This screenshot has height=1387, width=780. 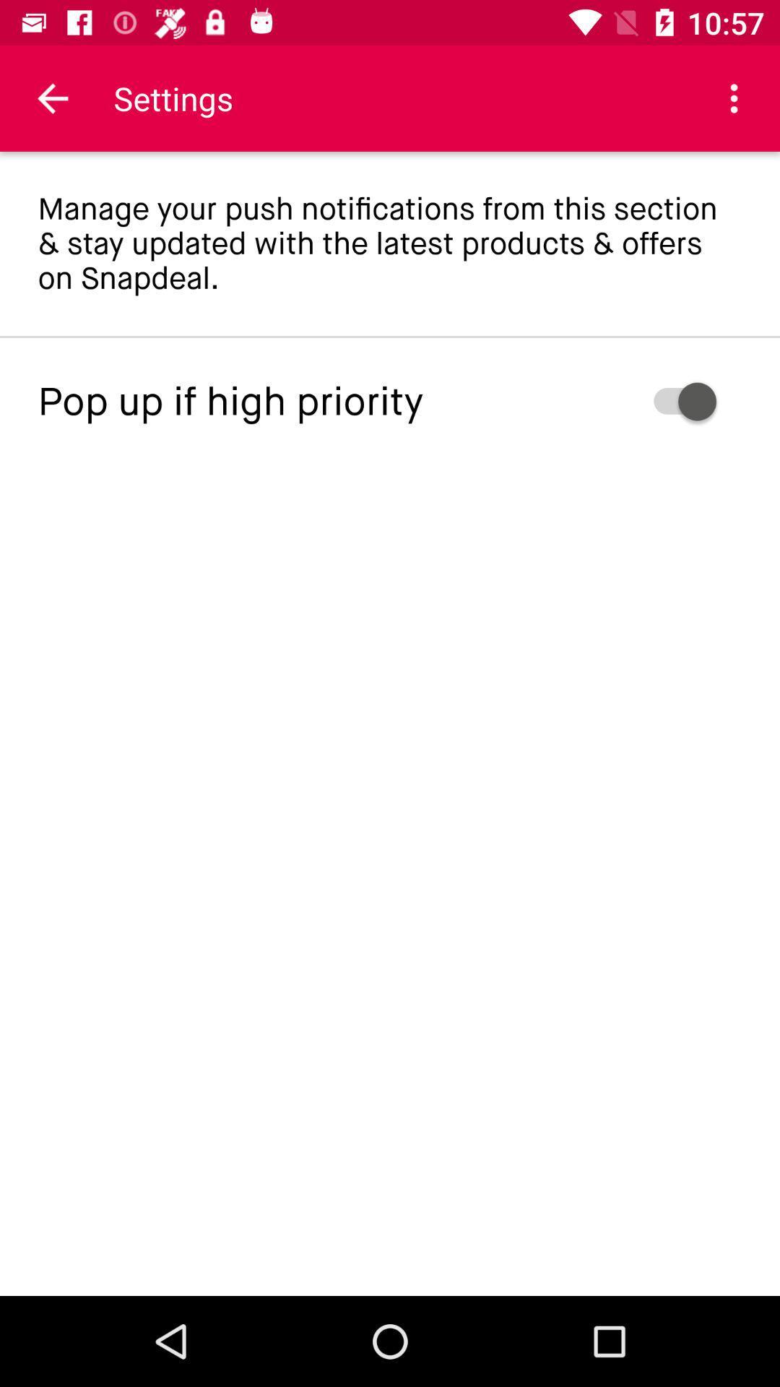 What do you see at coordinates (52, 98) in the screenshot?
I see `go back` at bounding box center [52, 98].